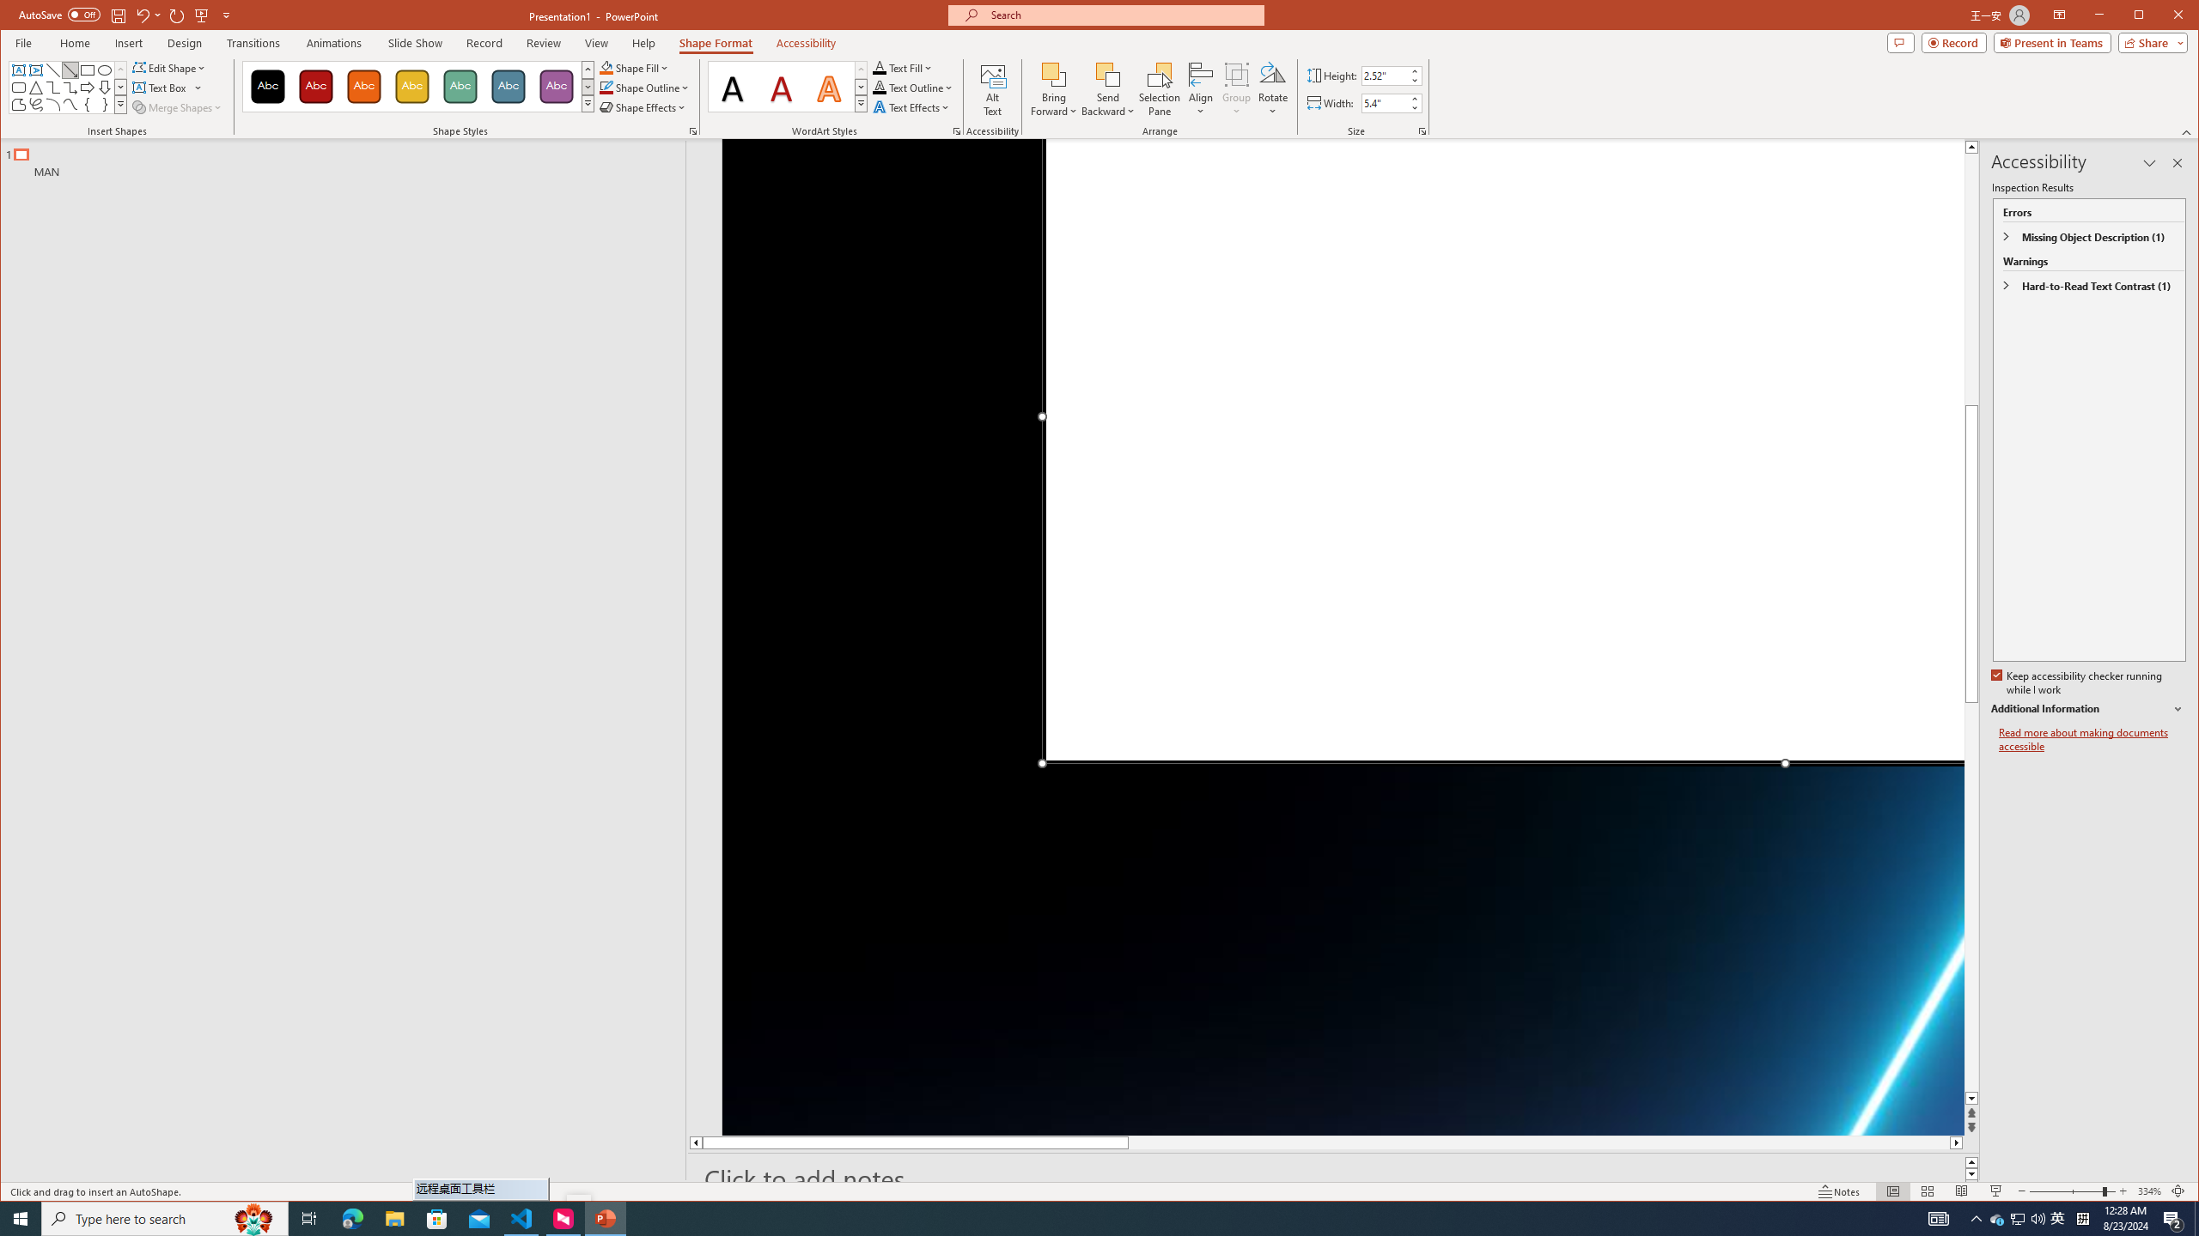 Image resolution: width=2199 pixels, height=1236 pixels. I want to click on 'Size and Position...', so click(1422, 131).